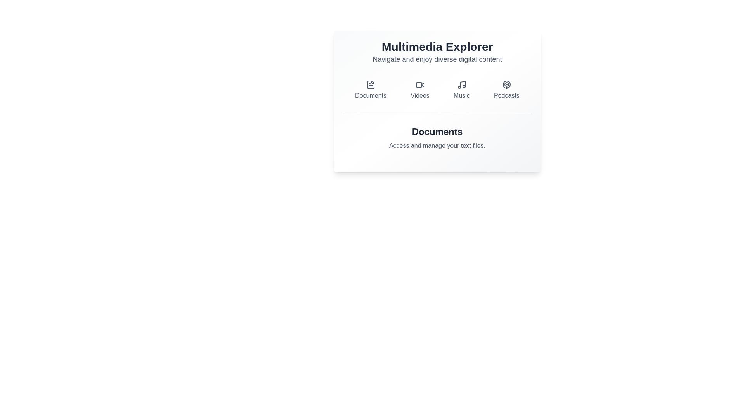 This screenshot has width=745, height=419. Describe the element at coordinates (370, 90) in the screenshot. I see `the Documents button to switch to the corresponding tab` at that location.